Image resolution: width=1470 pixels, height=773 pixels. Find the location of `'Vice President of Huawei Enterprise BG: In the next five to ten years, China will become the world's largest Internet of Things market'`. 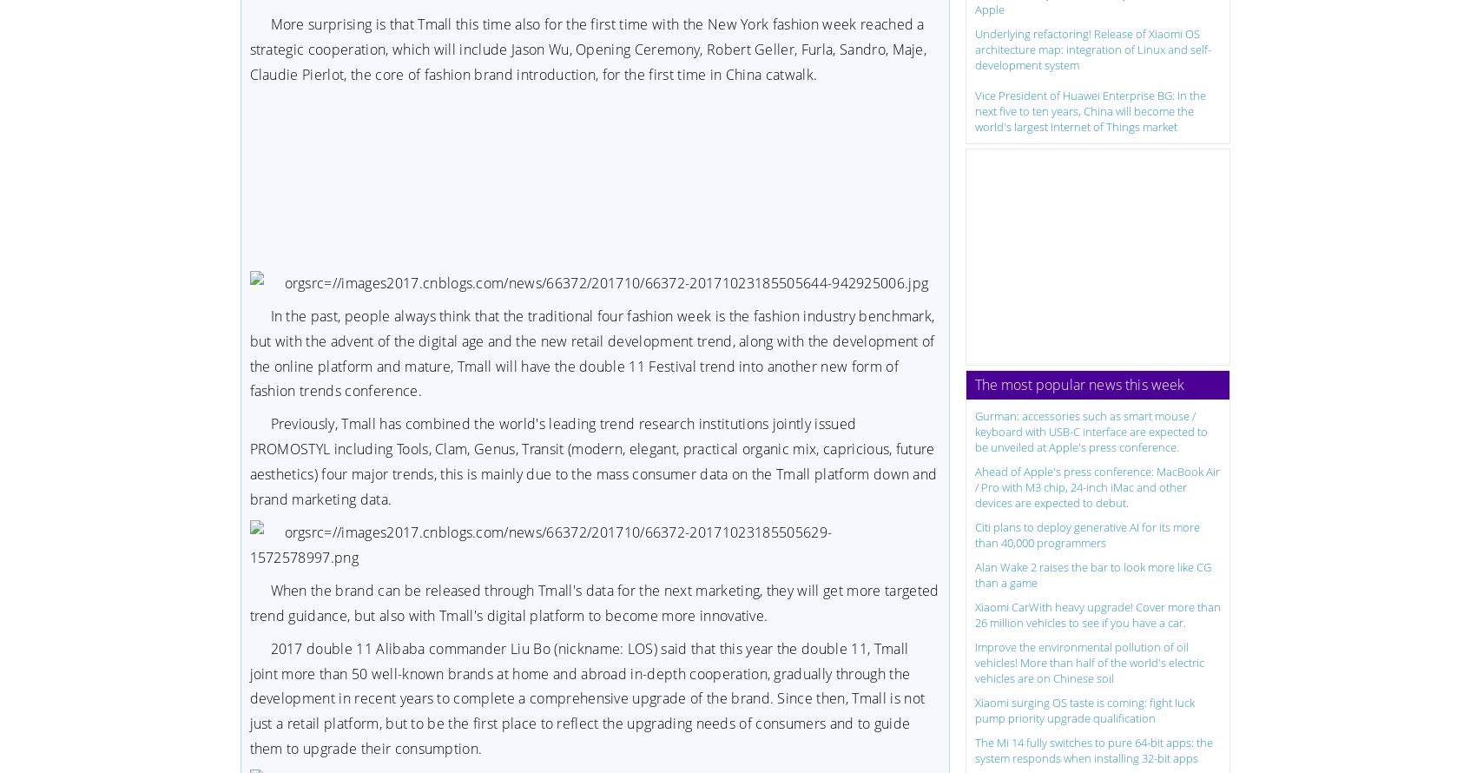

'Vice President of Huawei Enterprise BG: In the next five to ten years, China will become the world's largest Internet of Things market' is located at coordinates (1090, 109).